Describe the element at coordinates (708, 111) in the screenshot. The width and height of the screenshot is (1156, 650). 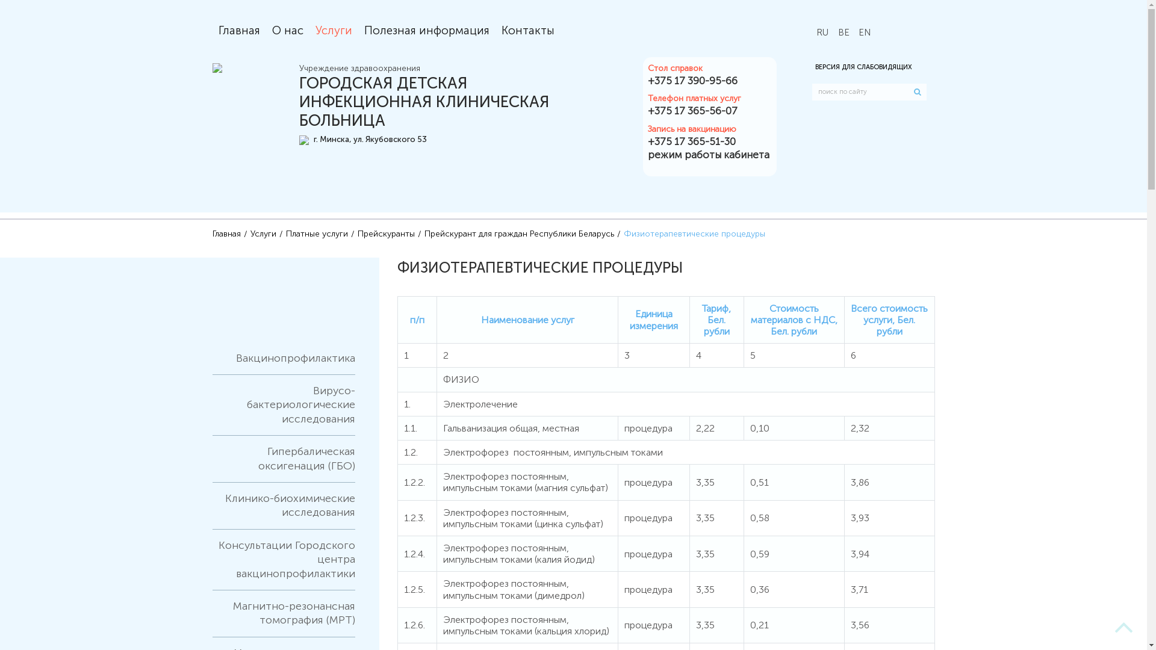
I see `'+375 17 365-56-07'` at that location.